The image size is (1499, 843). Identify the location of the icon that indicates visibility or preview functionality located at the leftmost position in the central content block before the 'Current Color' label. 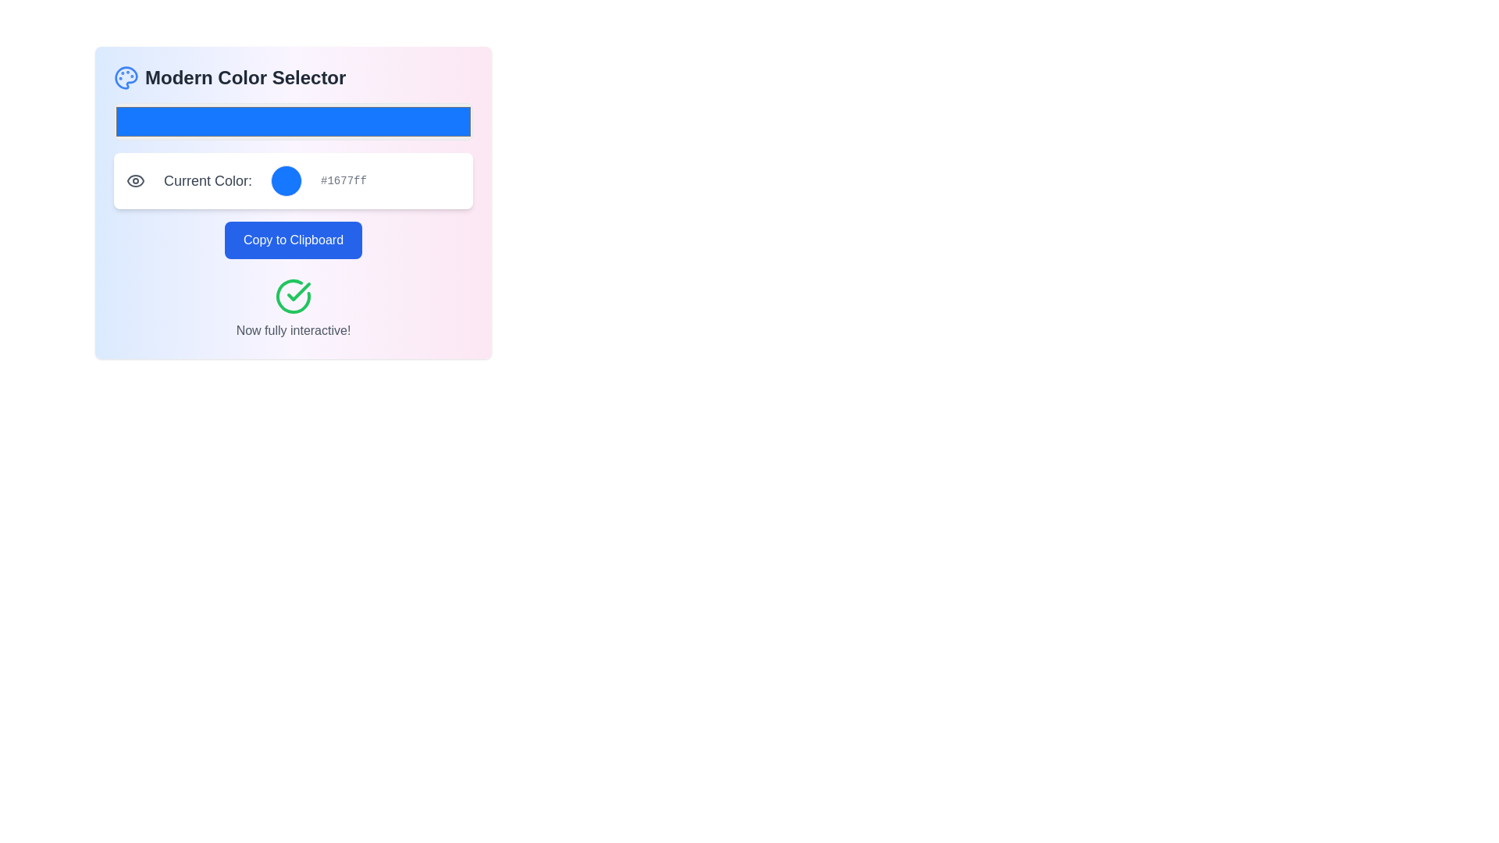
(135, 180).